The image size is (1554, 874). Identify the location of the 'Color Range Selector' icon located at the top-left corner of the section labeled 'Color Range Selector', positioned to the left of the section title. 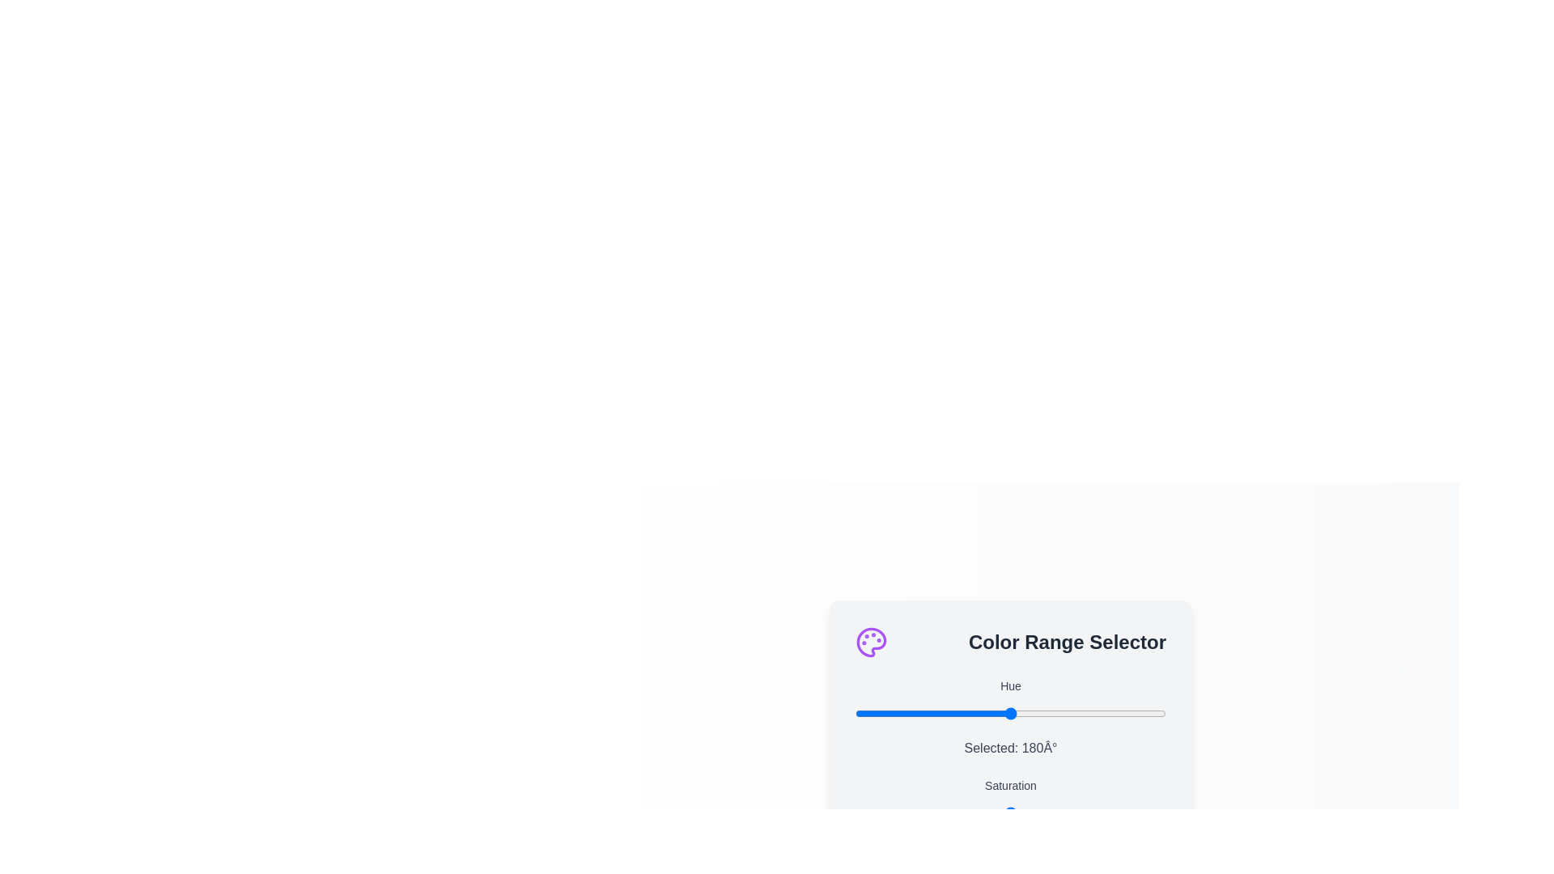
(870, 641).